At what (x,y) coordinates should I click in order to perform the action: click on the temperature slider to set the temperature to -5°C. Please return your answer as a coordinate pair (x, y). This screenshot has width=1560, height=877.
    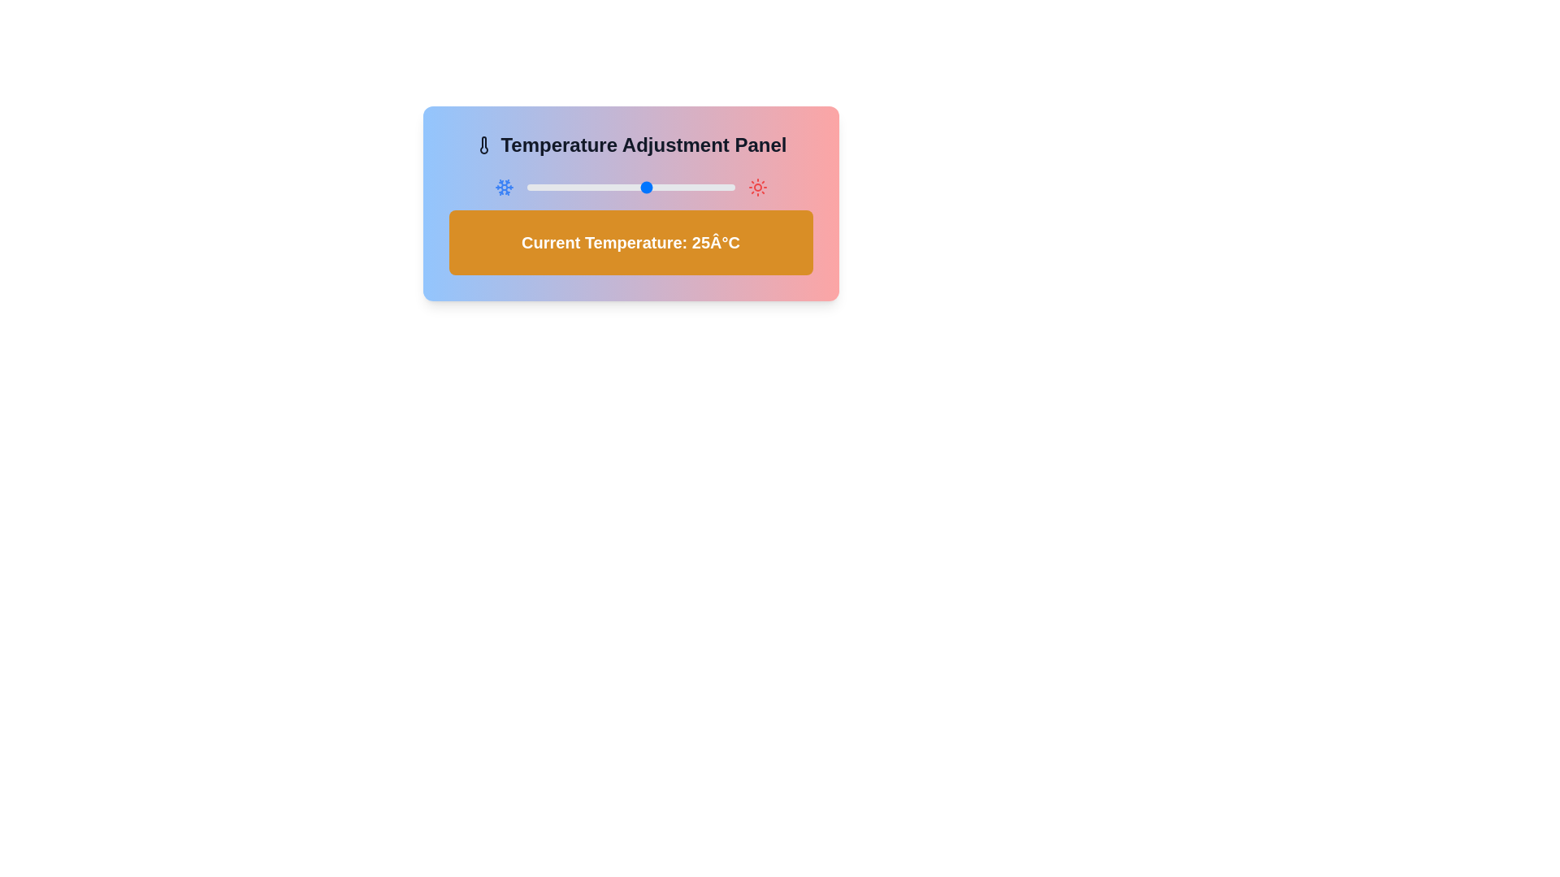
    Looking at the image, I should click on (544, 187).